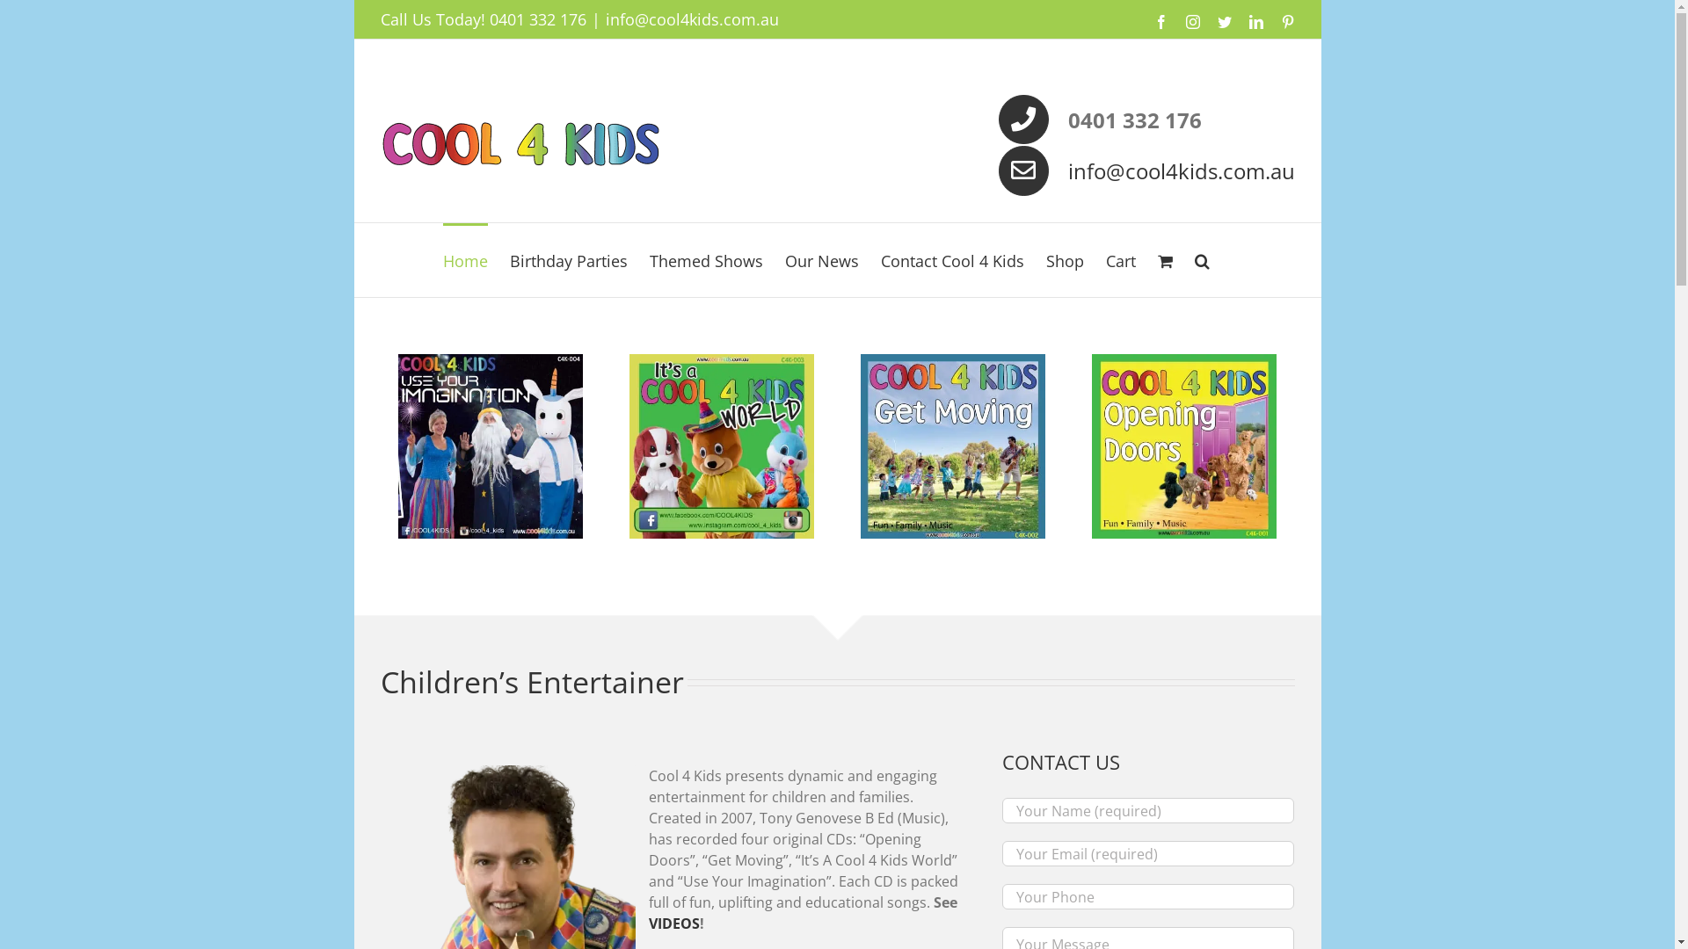  What do you see at coordinates (465, 260) in the screenshot?
I see `'Home'` at bounding box center [465, 260].